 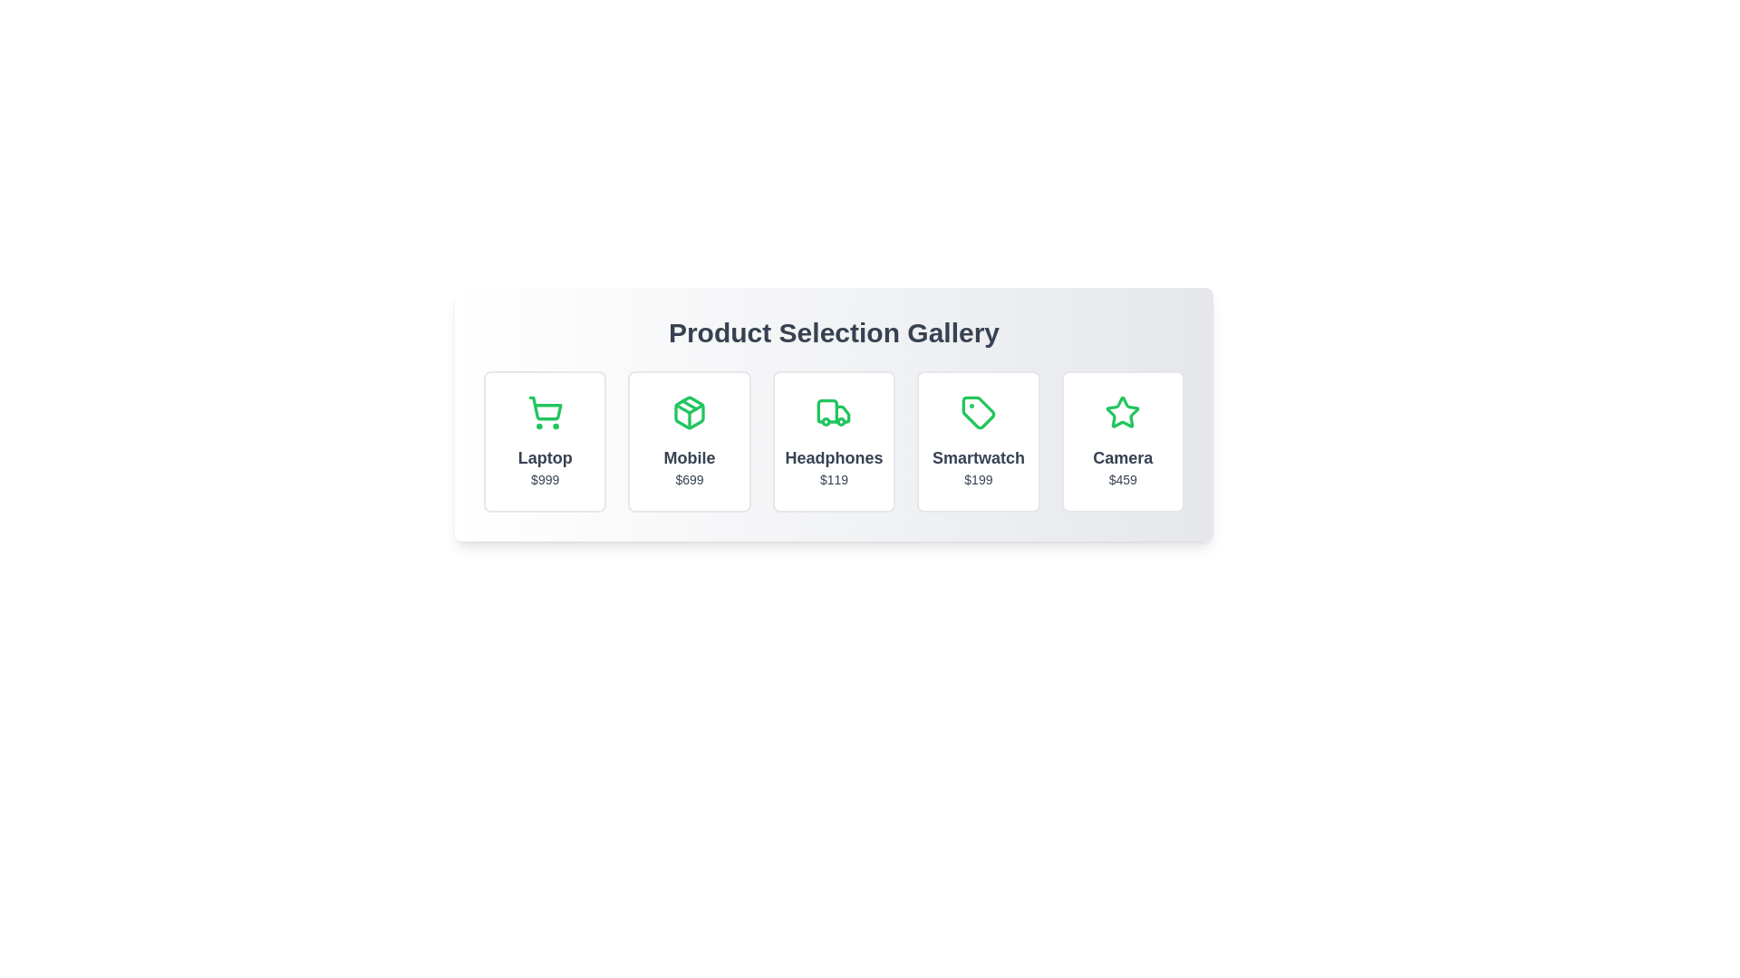 I want to click on the cabin section of the truck icon, which is a green-stroked graphical component in the third card of a row of five cards, so click(x=826, y=411).